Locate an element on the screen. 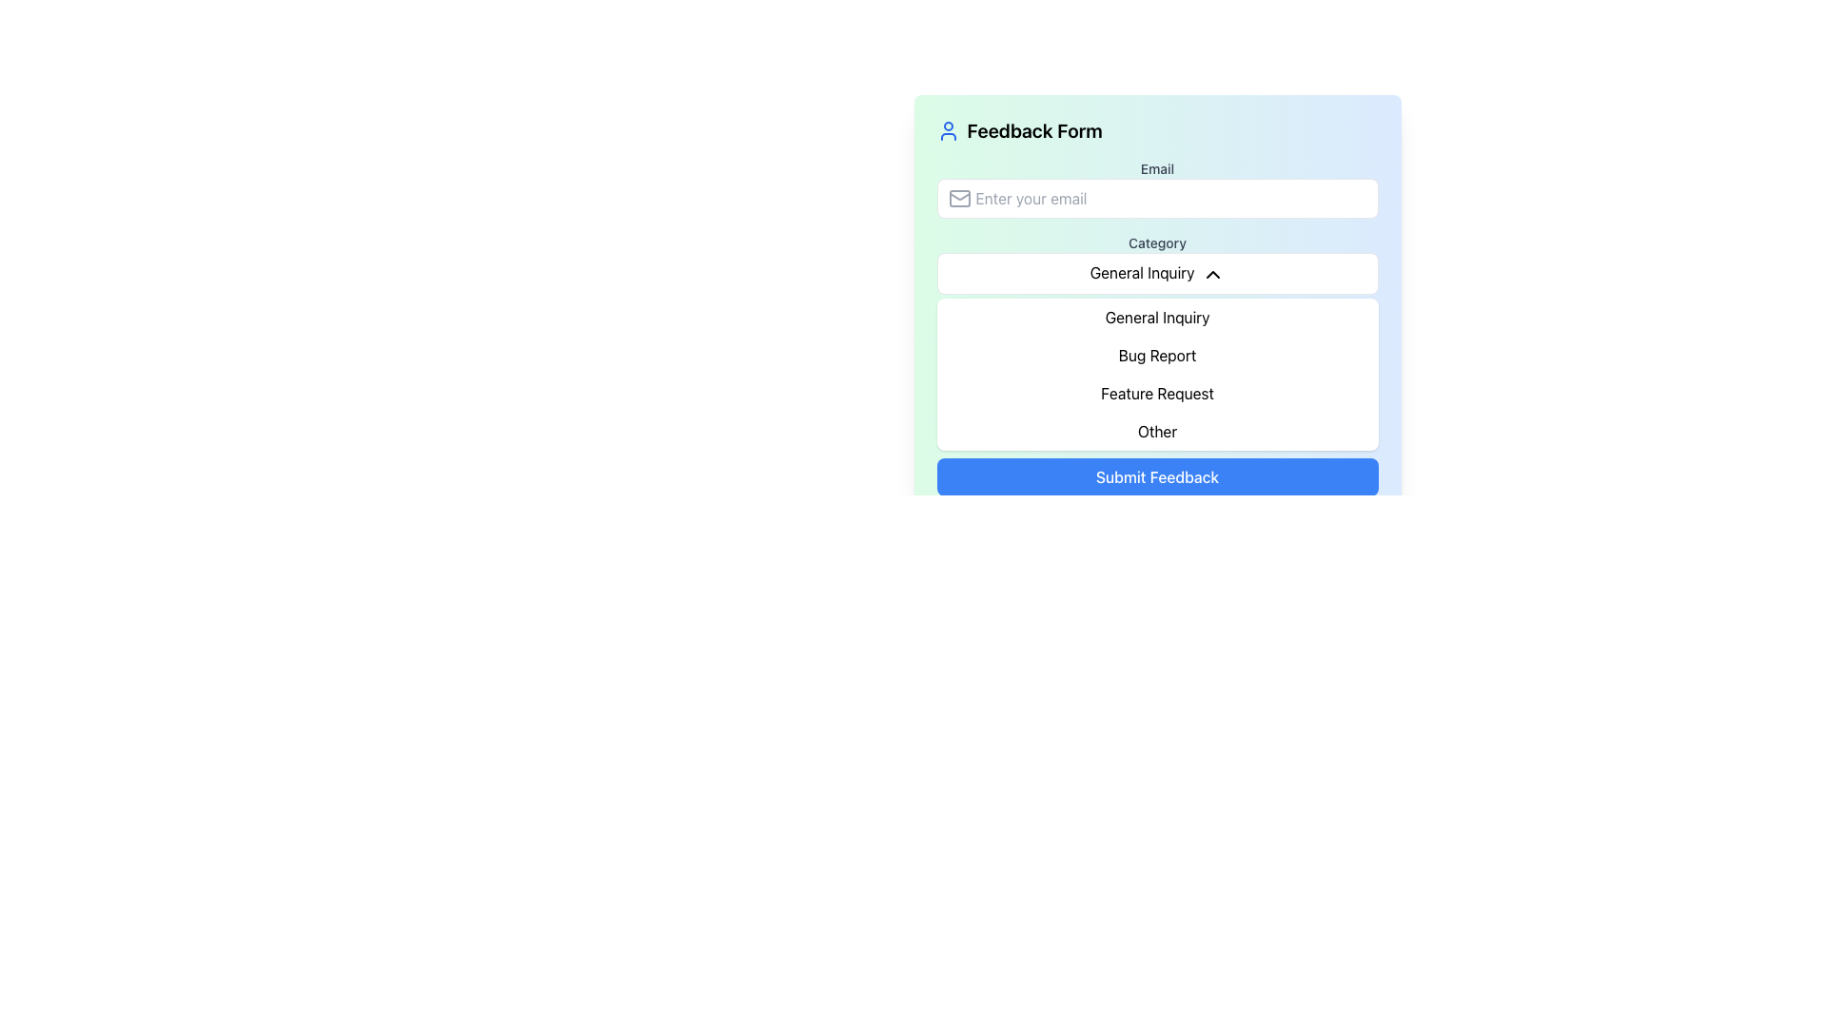  the 'Submit Feedback' button, which has a blue background and white text is located at coordinates (1156, 475).